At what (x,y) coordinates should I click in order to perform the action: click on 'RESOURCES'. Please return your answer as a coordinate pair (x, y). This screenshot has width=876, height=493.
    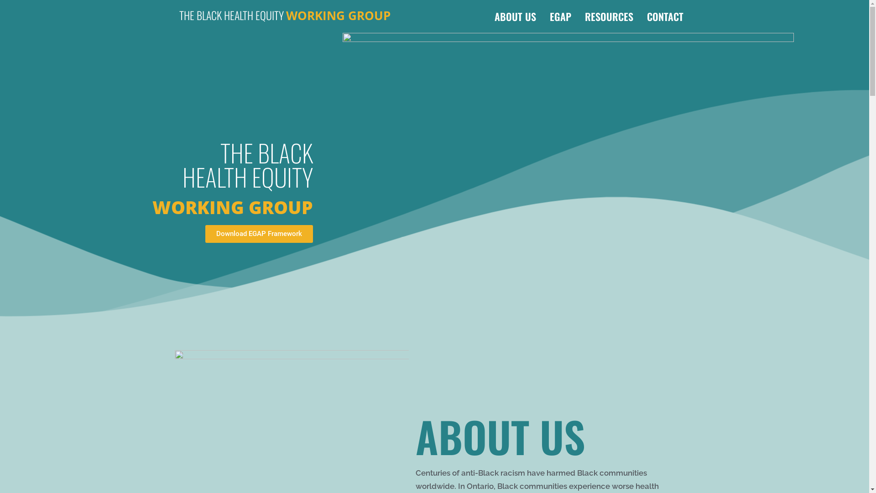
    Looking at the image, I should click on (609, 16).